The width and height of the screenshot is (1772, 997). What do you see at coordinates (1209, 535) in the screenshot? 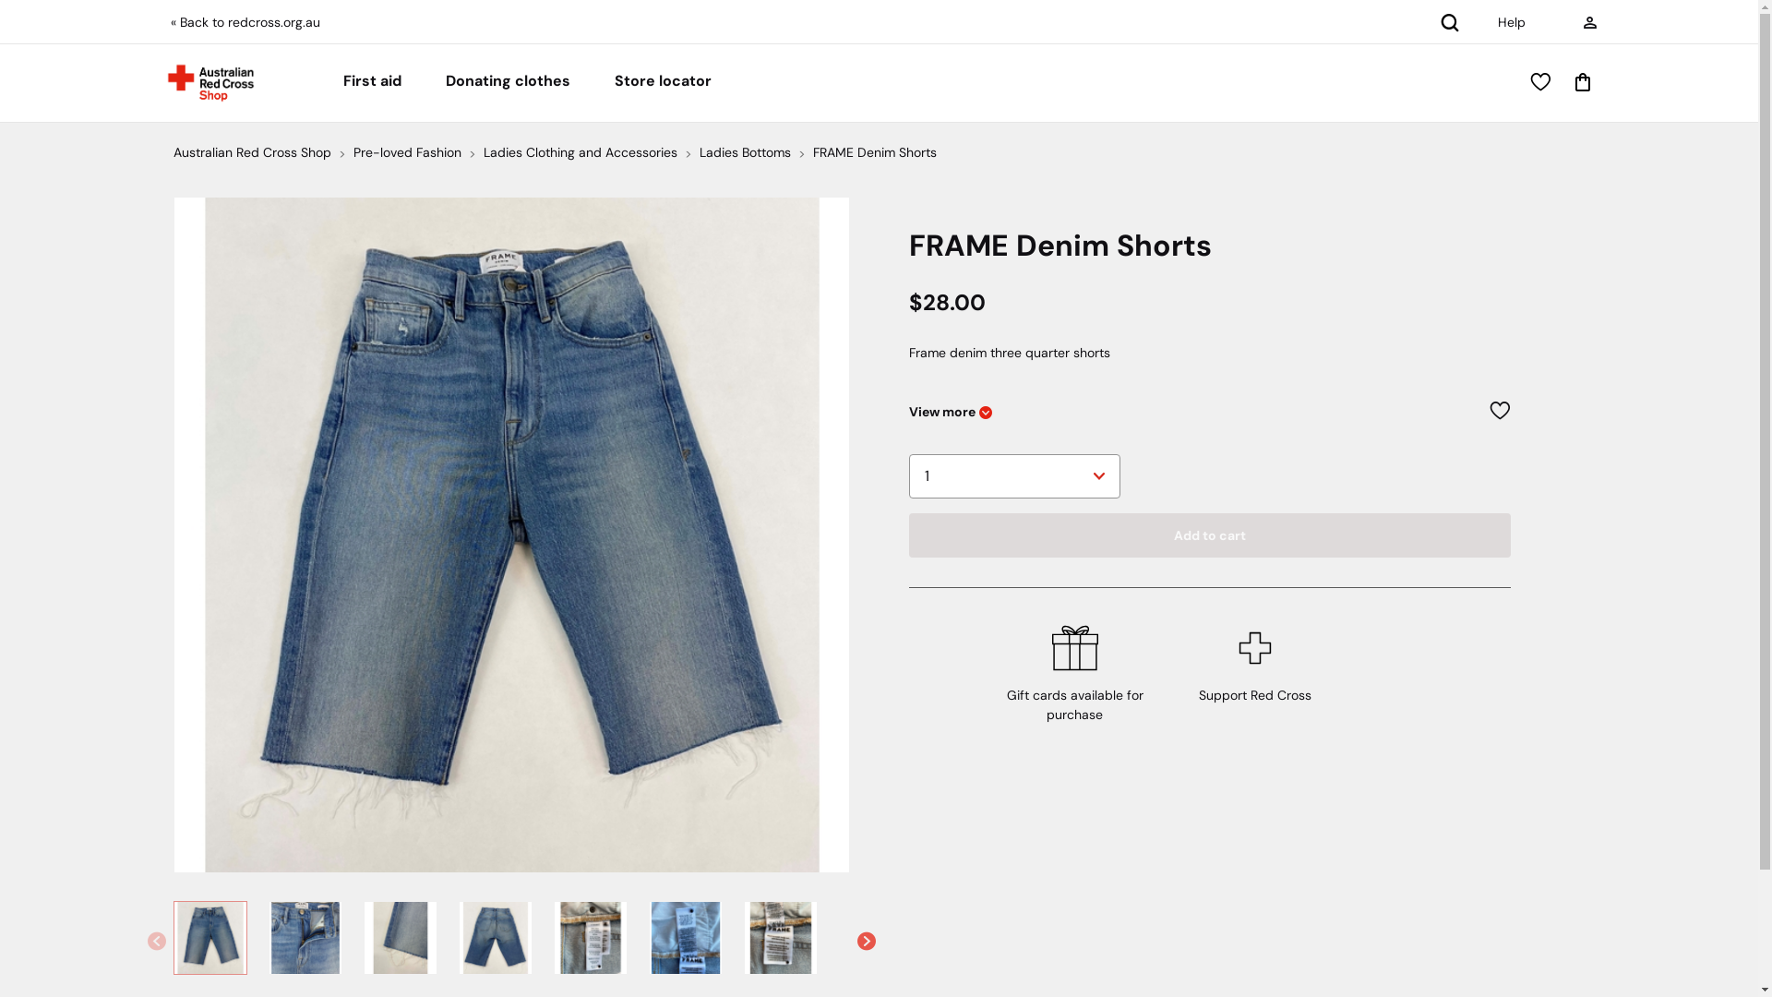
I see `'Add to cart'` at bounding box center [1209, 535].